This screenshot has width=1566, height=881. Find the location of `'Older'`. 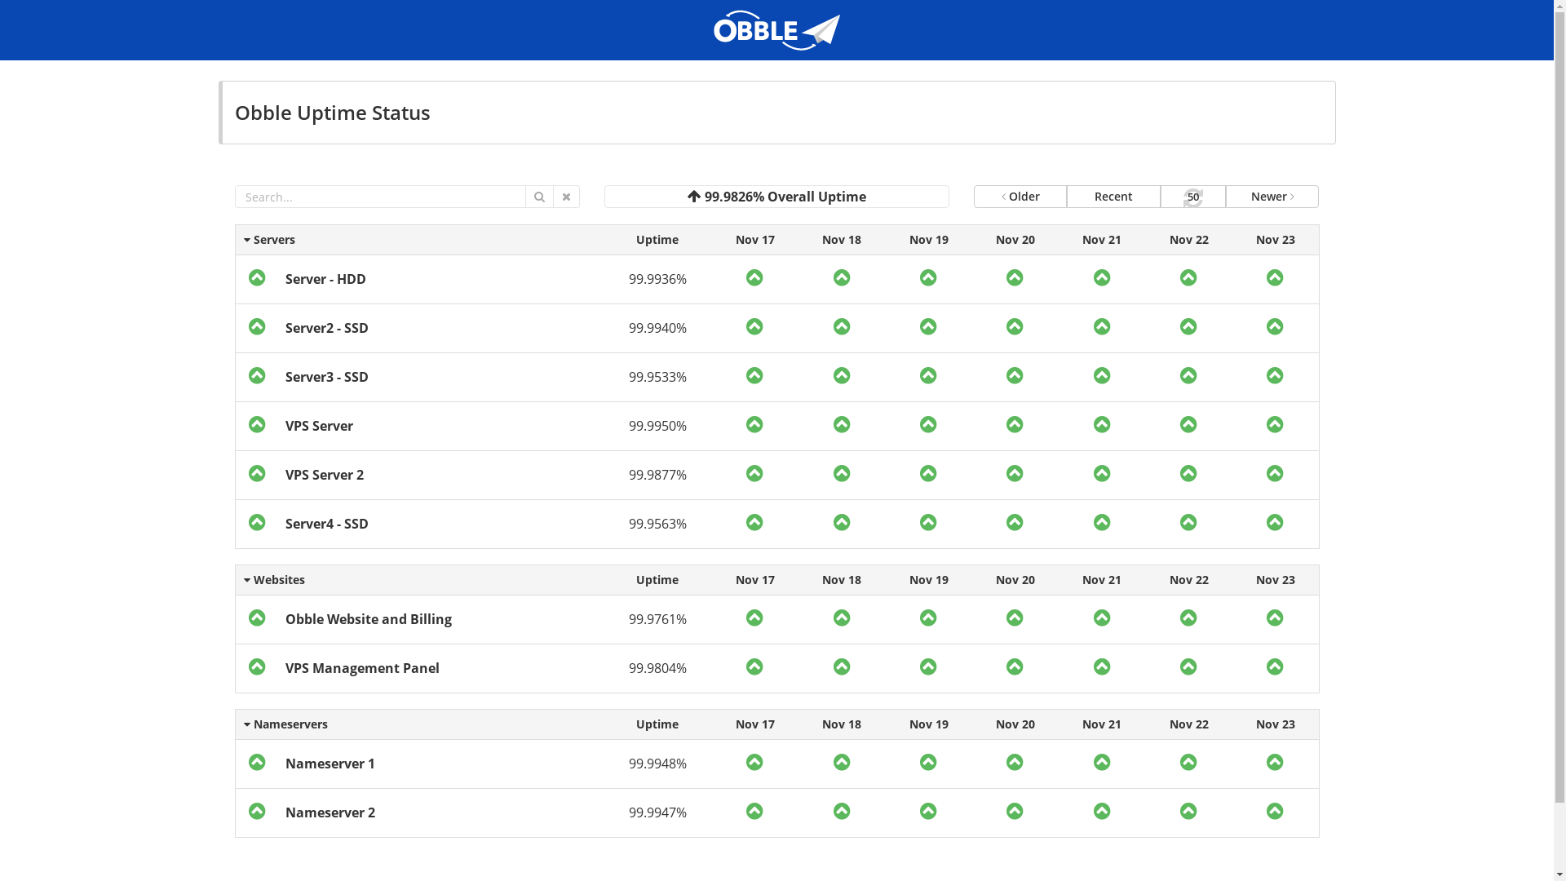

'Older' is located at coordinates (974, 195).